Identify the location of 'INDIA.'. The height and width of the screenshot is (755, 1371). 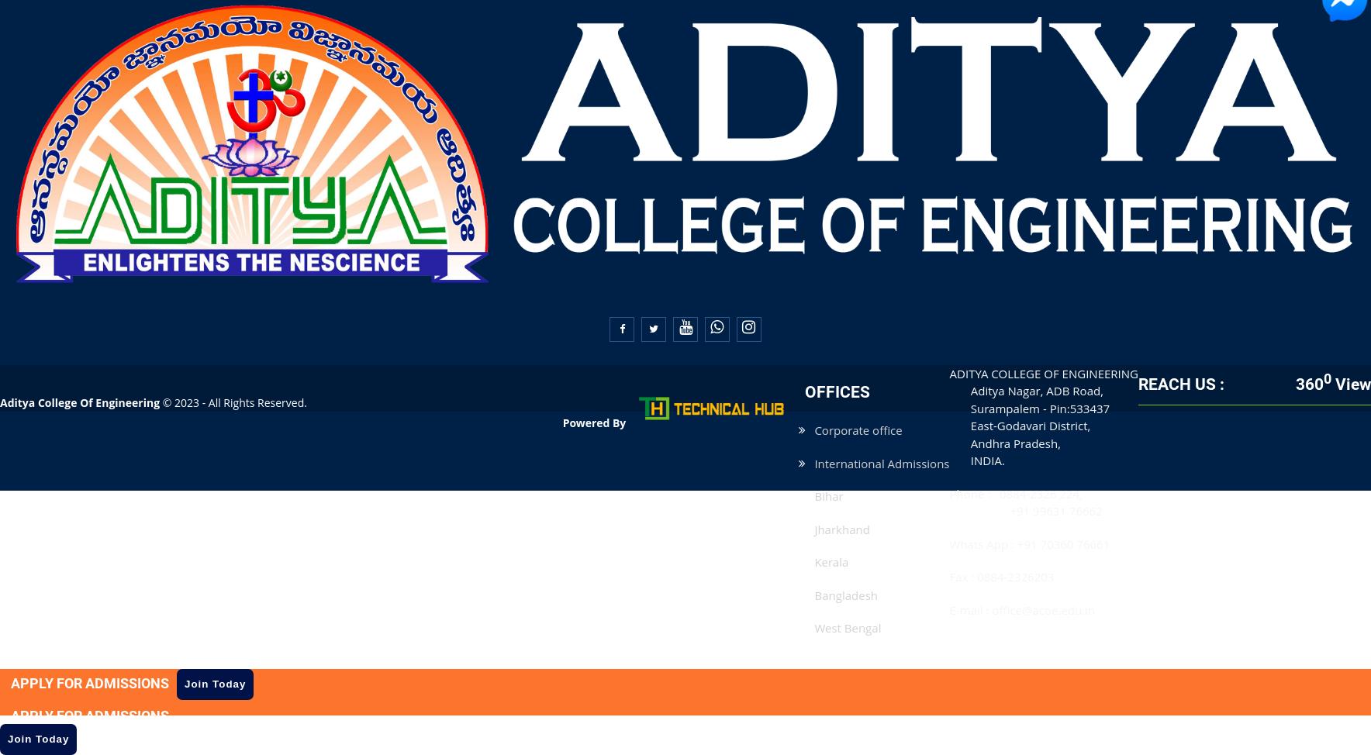
(976, 460).